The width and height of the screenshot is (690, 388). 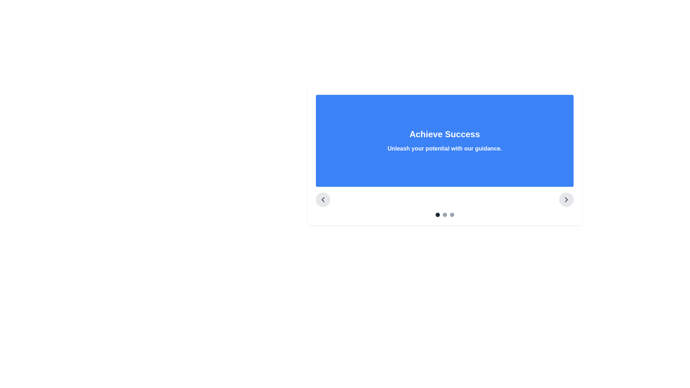 I want to click on the circular gray button with a left-chevron icon located in the bottom-left corner of the slide navigation interface for keyboard interaction, so click(x=322, y=199).